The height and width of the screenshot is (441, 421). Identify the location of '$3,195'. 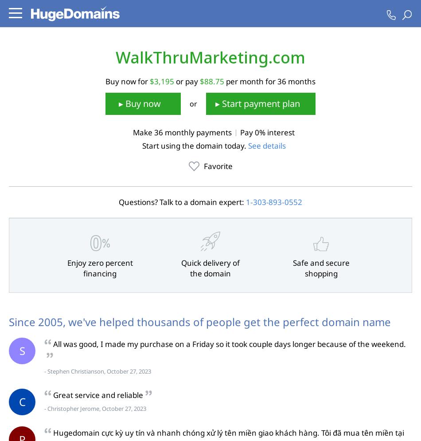
(161, 80).